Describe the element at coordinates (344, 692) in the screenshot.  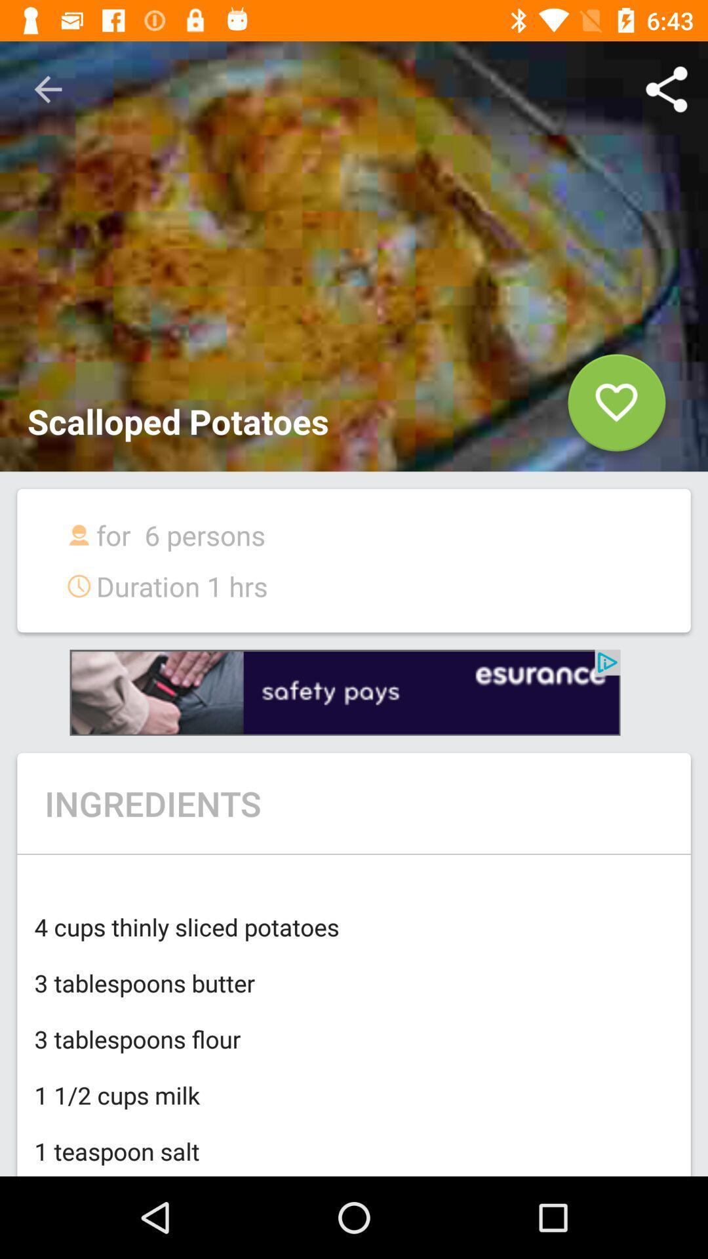
I see `next to option` at that location.